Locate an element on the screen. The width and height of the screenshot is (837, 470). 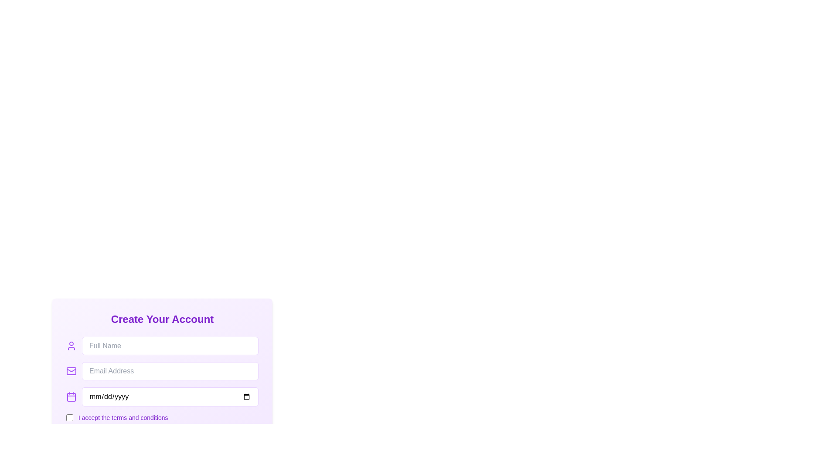
the input fields of the 'Create Your Account' dialog box to type information such as Full Name, Email Address, and Birth Date is located at coordinates (162, 356).